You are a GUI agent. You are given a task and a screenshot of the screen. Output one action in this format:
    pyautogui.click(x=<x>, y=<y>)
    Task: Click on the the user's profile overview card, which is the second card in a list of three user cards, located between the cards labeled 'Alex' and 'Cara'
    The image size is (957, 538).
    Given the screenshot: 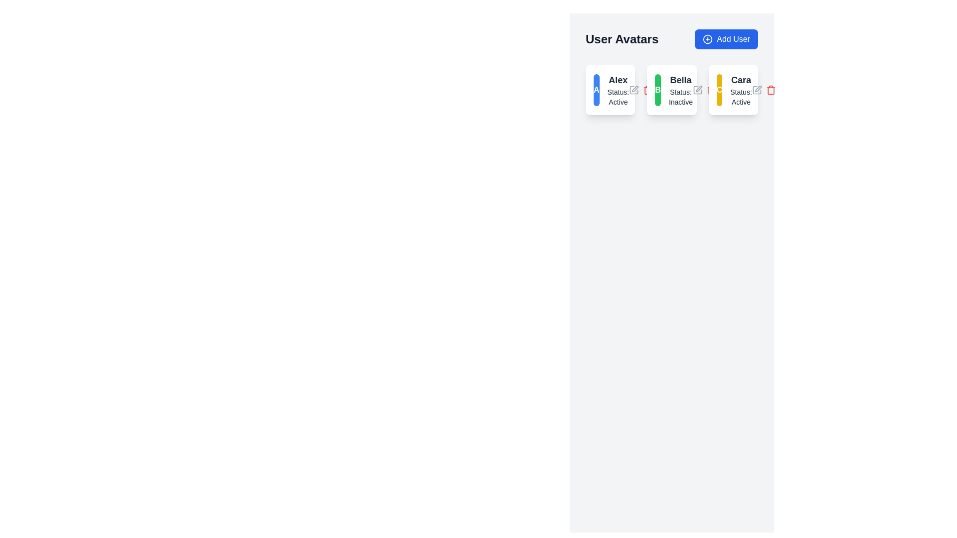 What is the action you would take?
    pyautogui.click(x=672, y=90)
    